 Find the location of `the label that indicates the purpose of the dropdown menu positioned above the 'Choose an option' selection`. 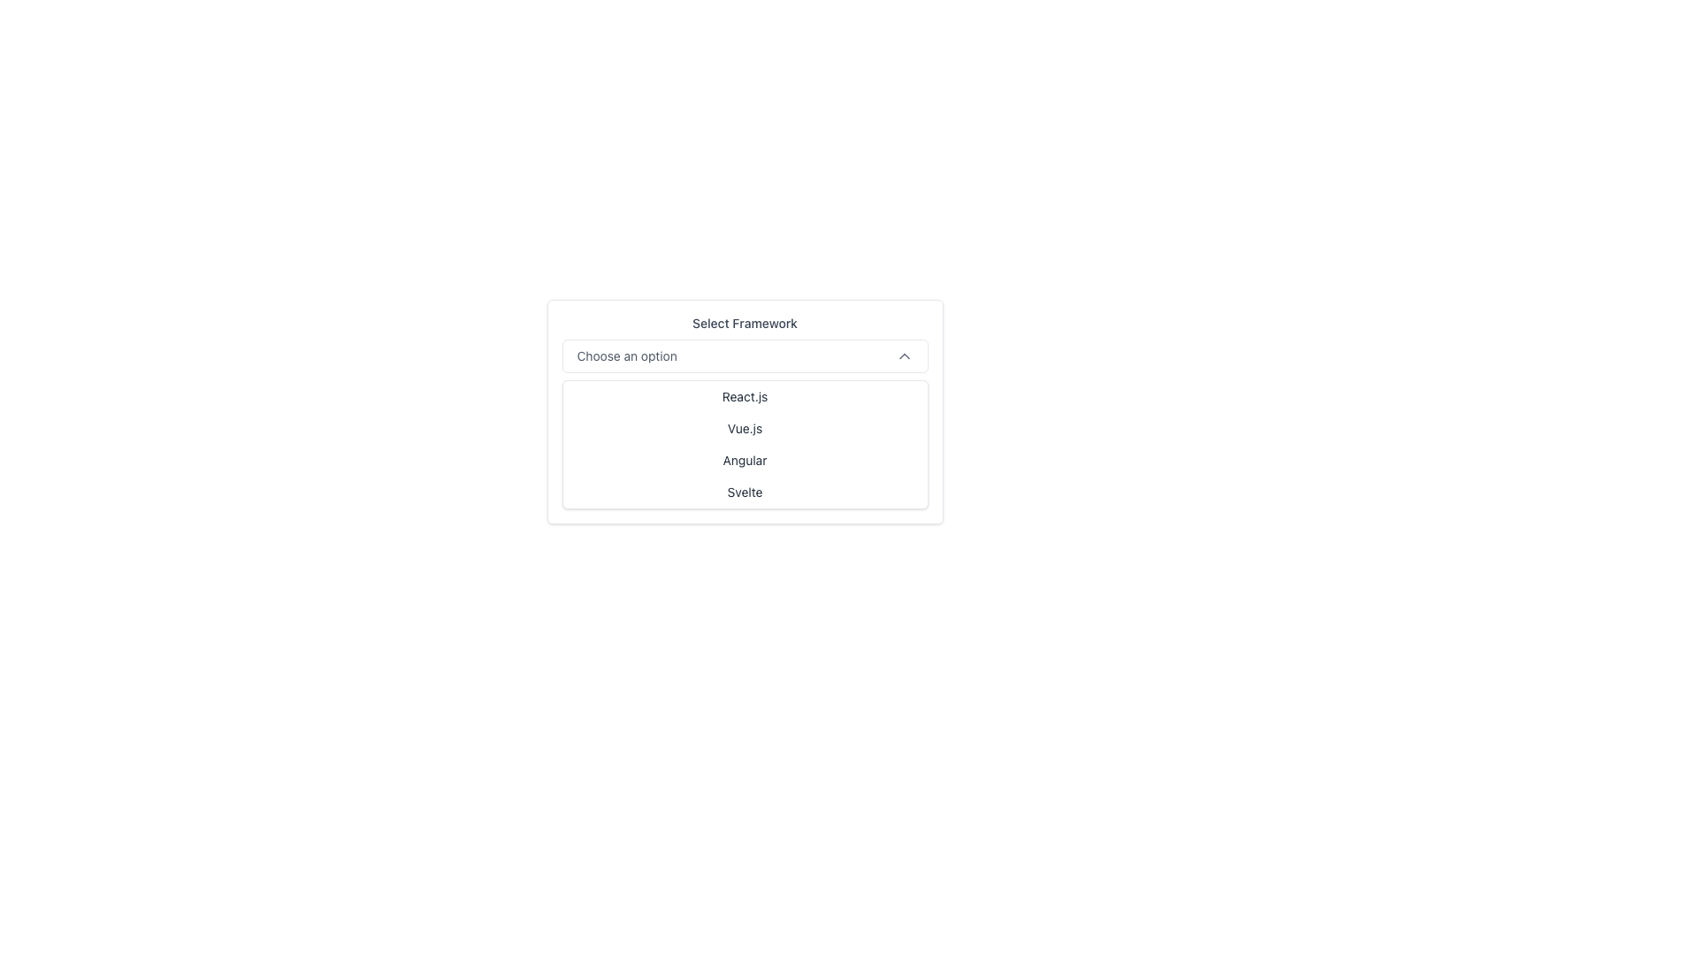

the label that indicates the purpose of the dropdown menu positioned above the 'Choose an option' selection is located at coordinates (745, 324).